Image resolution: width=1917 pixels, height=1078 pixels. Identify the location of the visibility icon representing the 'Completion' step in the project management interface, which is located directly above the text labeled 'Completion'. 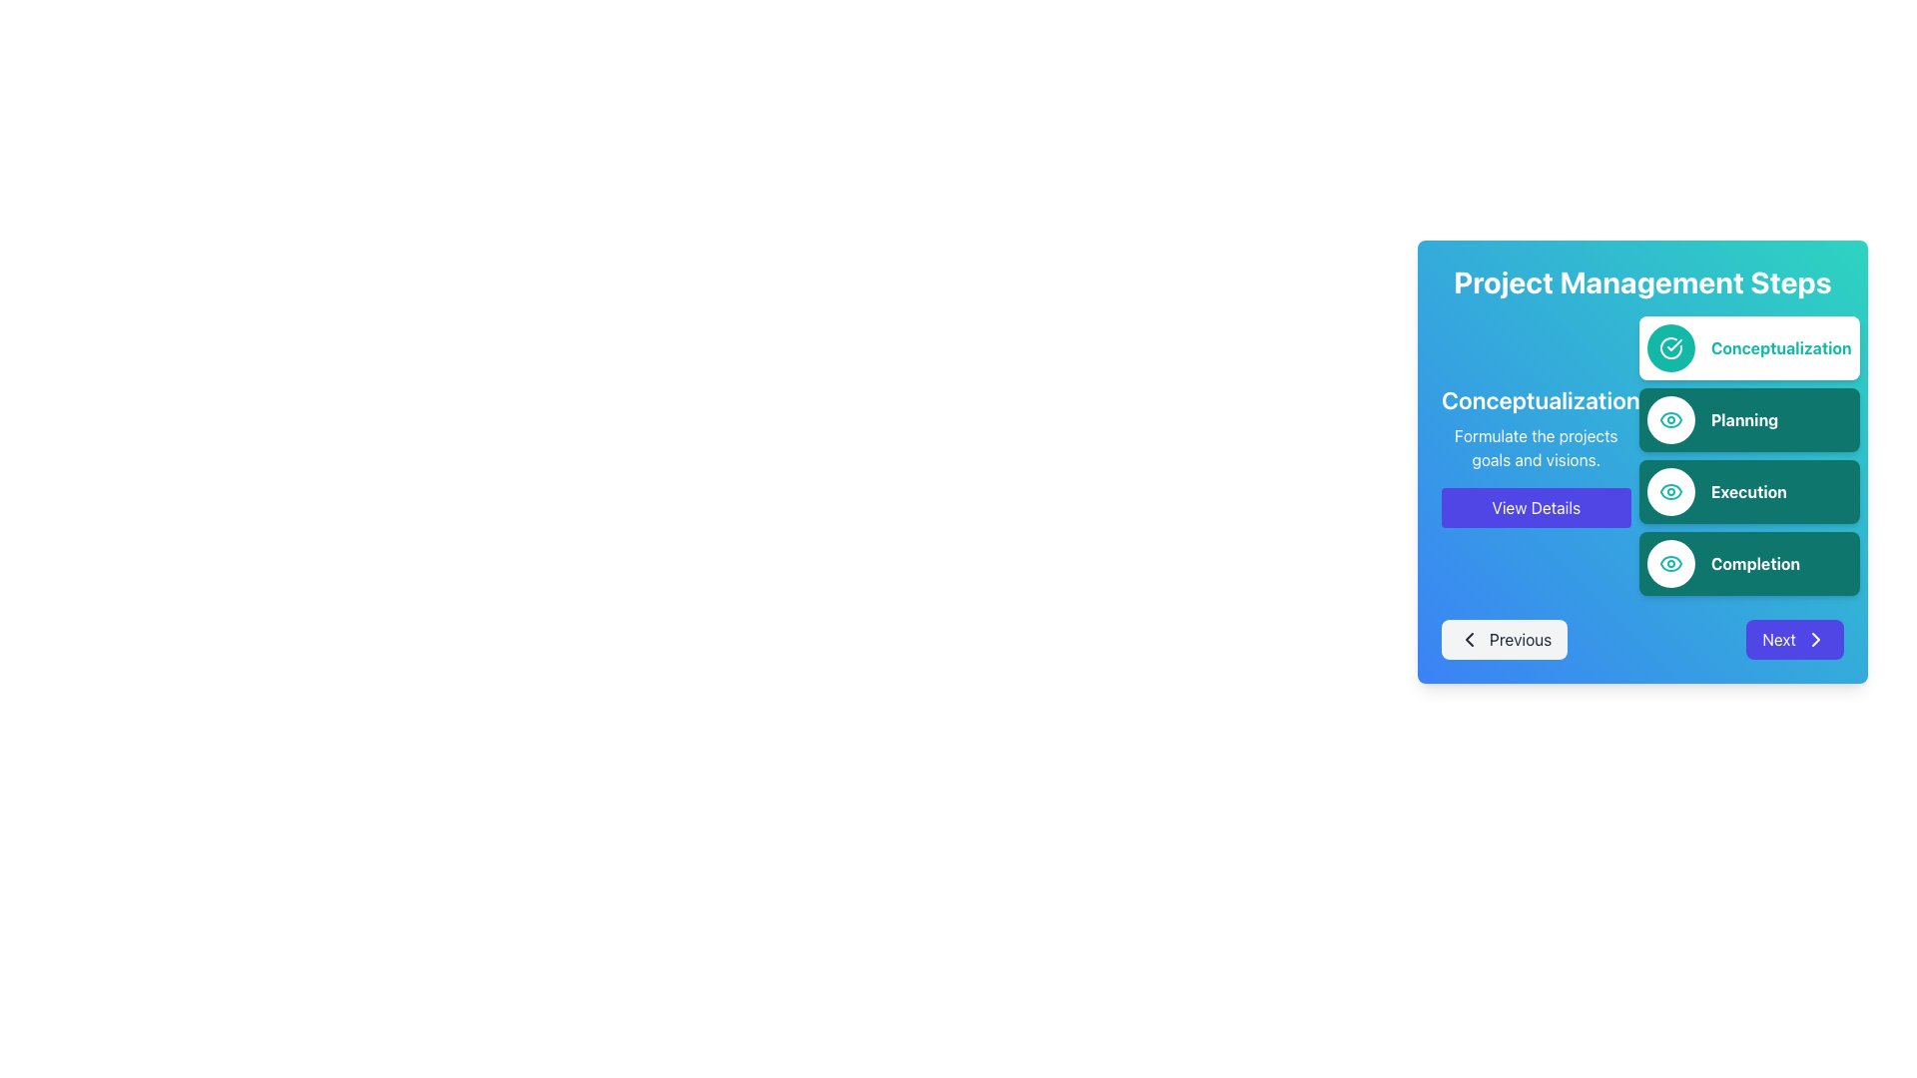
(1670, 563).